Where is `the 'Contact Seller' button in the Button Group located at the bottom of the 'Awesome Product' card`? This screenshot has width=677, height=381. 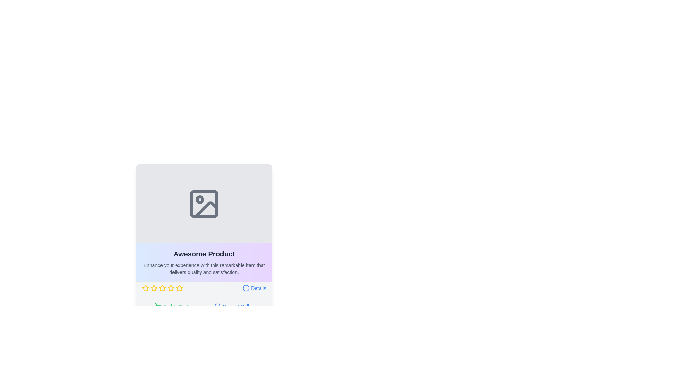
the 'Contact Seller' button in the Button Group located at the bottom of the 'Awesome Product' card is located at coordinates (204, 306).